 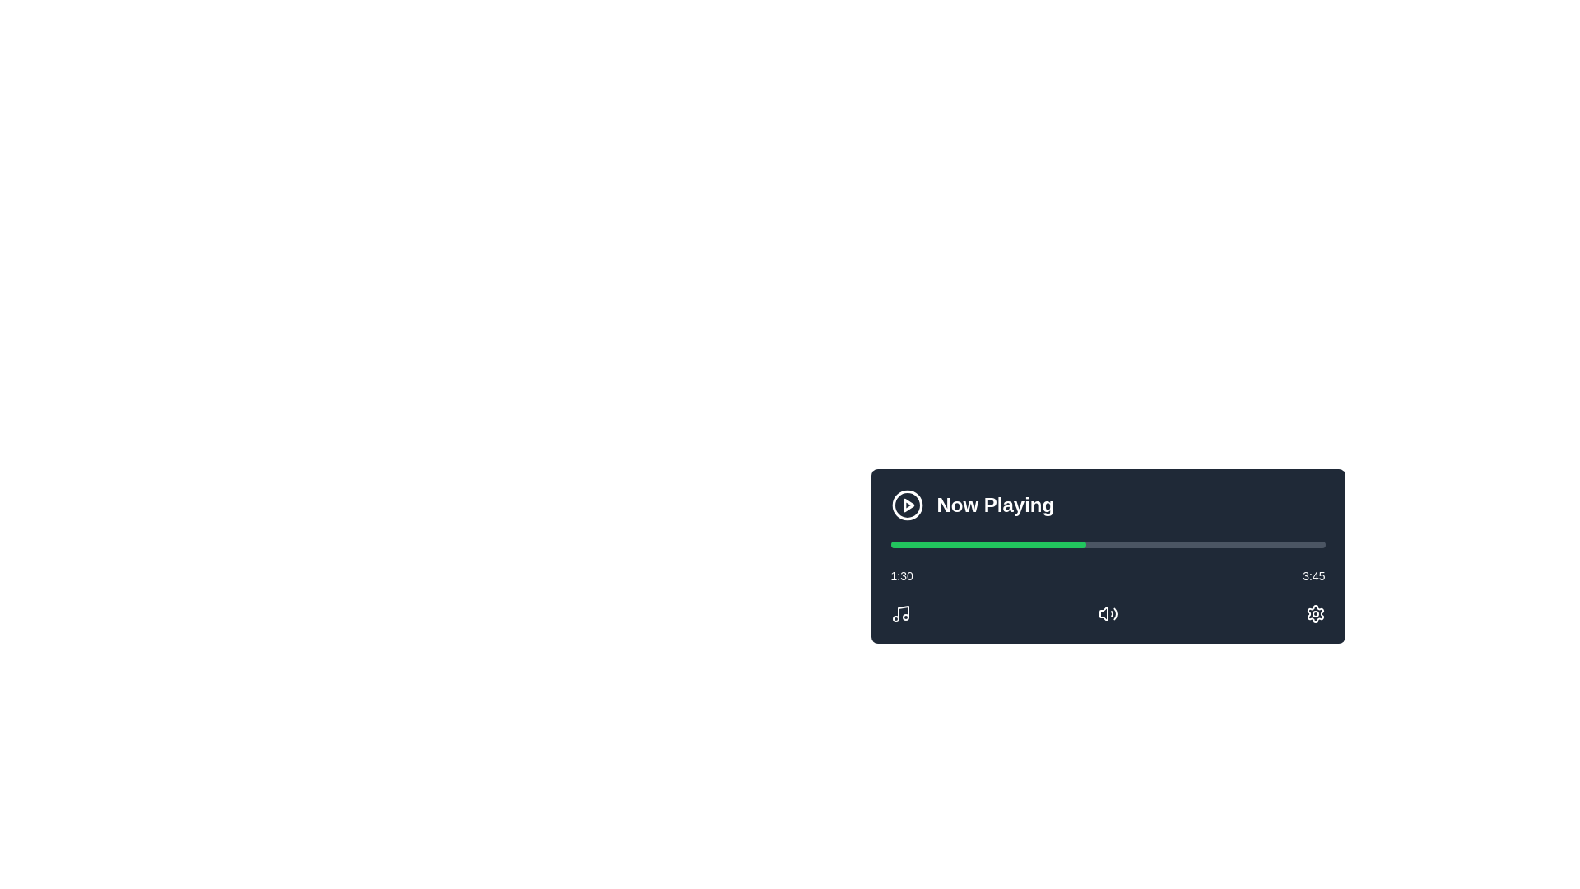 I want to click on the cog-shaped settings button located at the bottom-right corner of the media player panel, so click(x=1314, y=613).